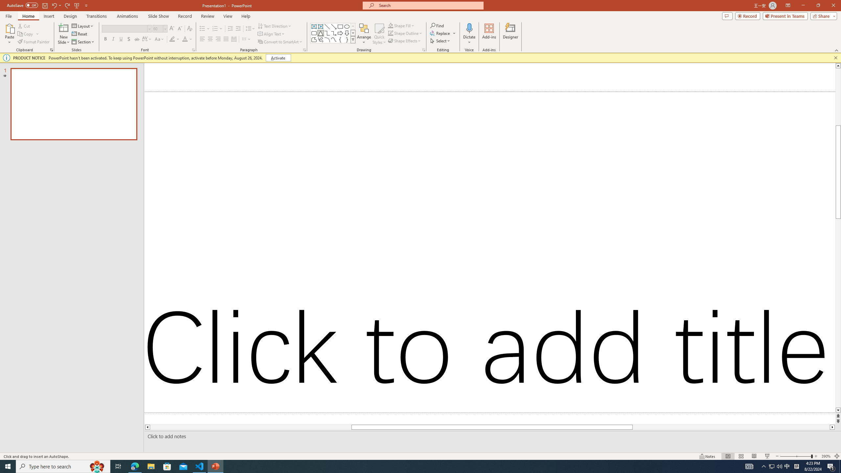  Describe the element at coordinates (352, 39) in the screenshot. I see `'Class: NetUIImage'` at that location.